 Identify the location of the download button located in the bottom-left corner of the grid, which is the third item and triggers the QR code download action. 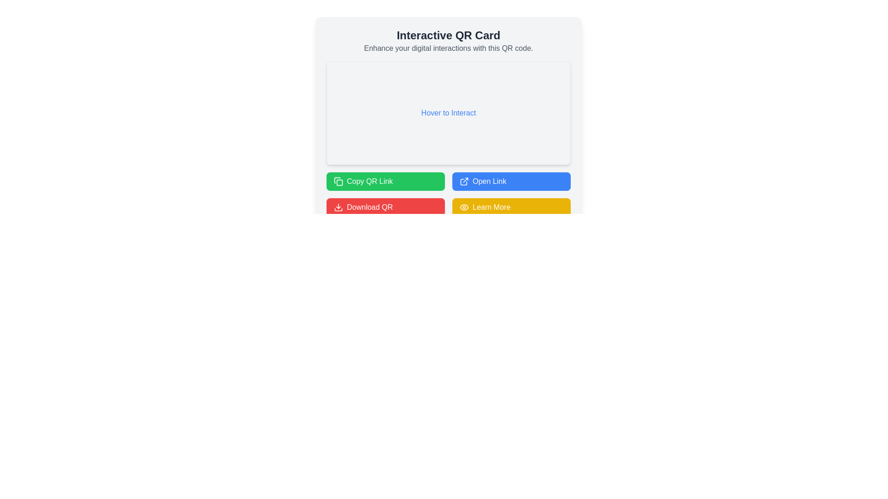
(386, 207).